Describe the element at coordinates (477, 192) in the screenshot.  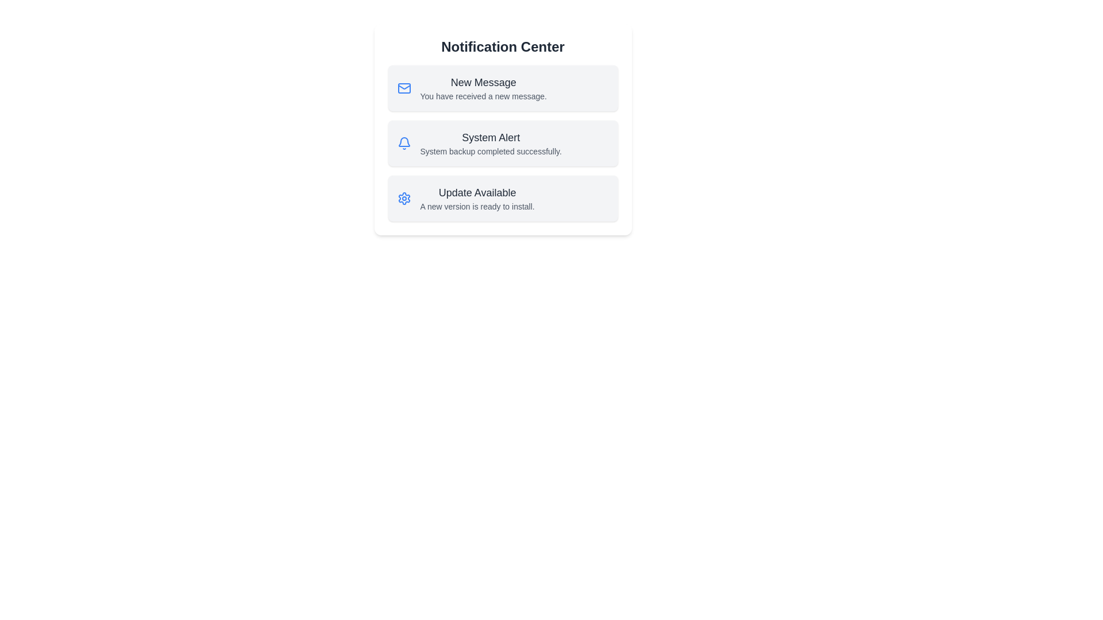
I see `the text label conveying the title of a notification about an available update in the Notification Center` at that location.